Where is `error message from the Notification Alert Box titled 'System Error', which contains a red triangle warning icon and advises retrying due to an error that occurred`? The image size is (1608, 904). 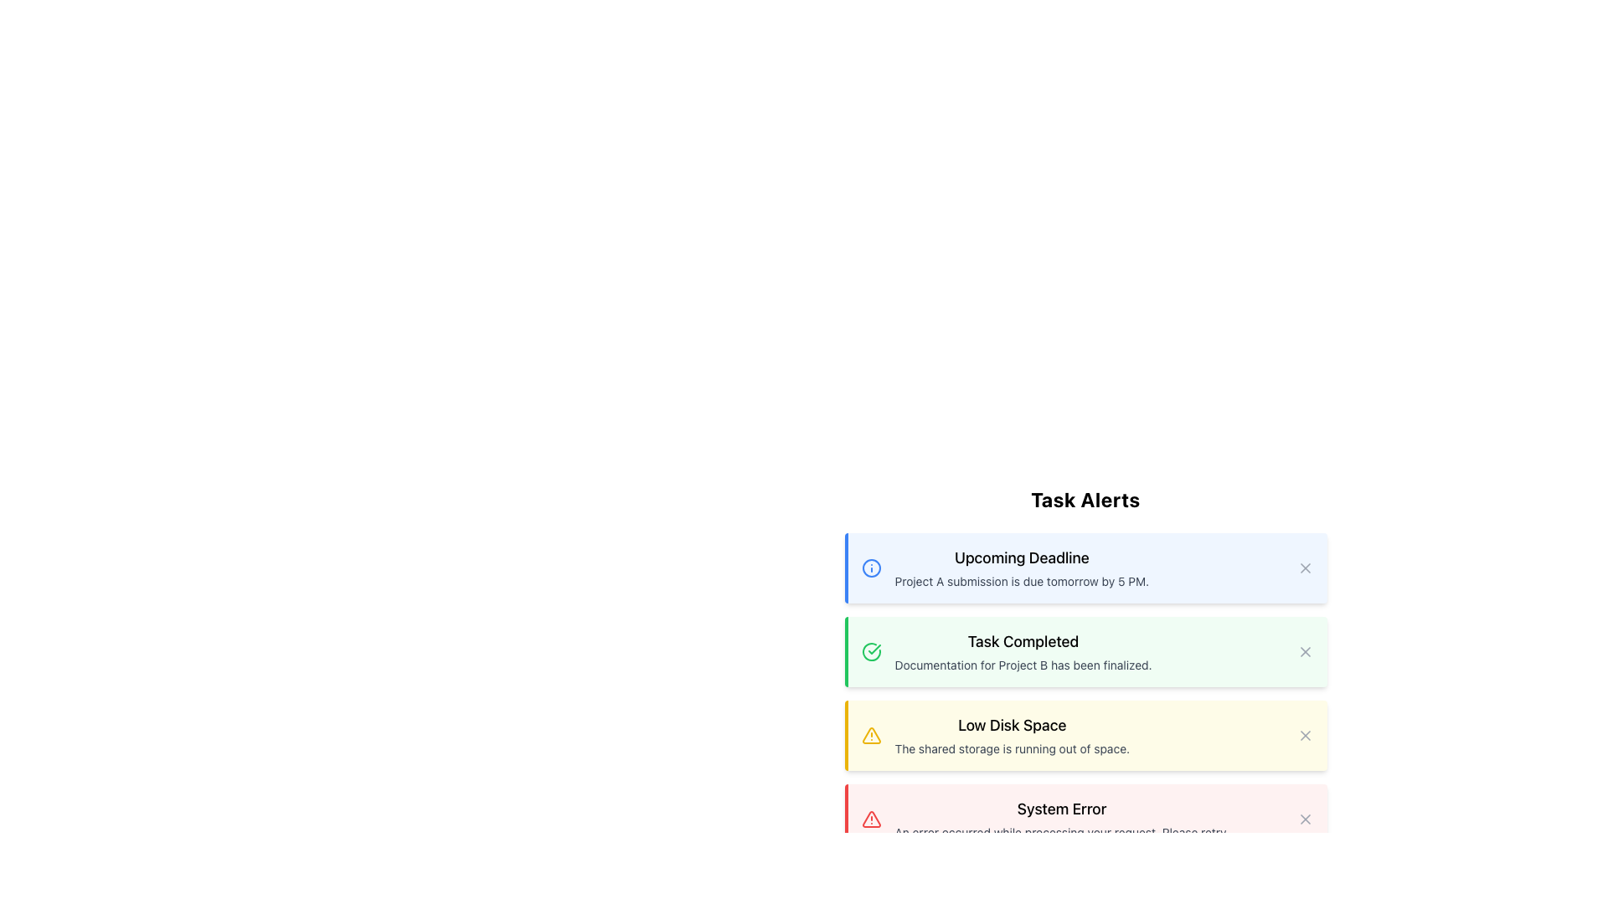
error message from the Notification Alert Box titled 'System Error', which contains a red triangle warning icon and advises retrying due to an error that occurred is located at coordinates (1087, 819).